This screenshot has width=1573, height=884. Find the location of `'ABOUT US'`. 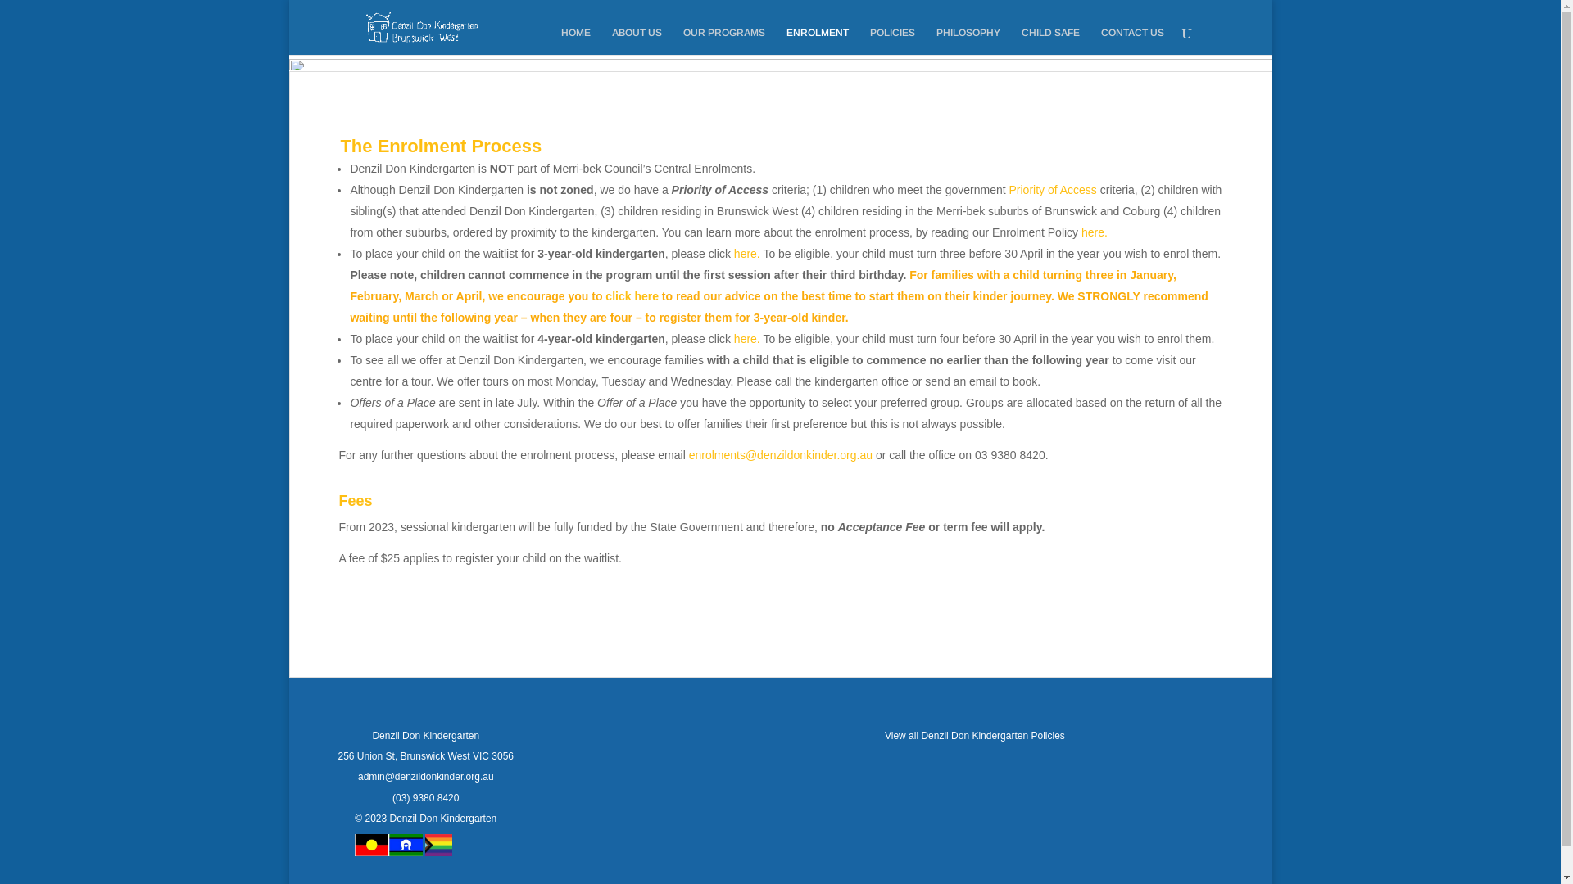

'ABOUT US' is located at coordinates (635, 40).